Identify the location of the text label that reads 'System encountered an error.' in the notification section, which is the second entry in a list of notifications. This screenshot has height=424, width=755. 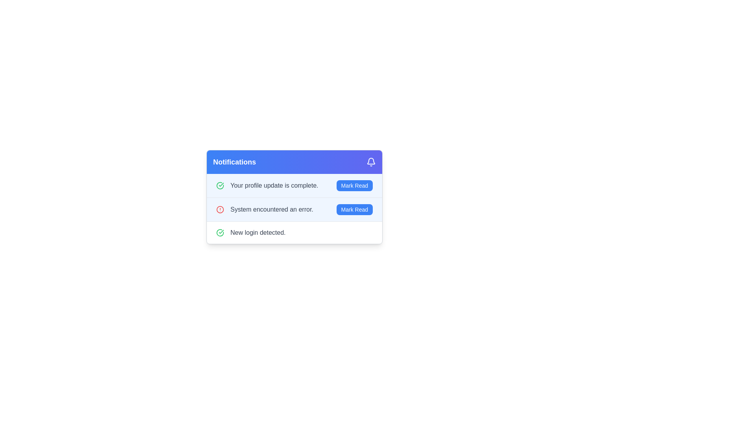
(272, 209).